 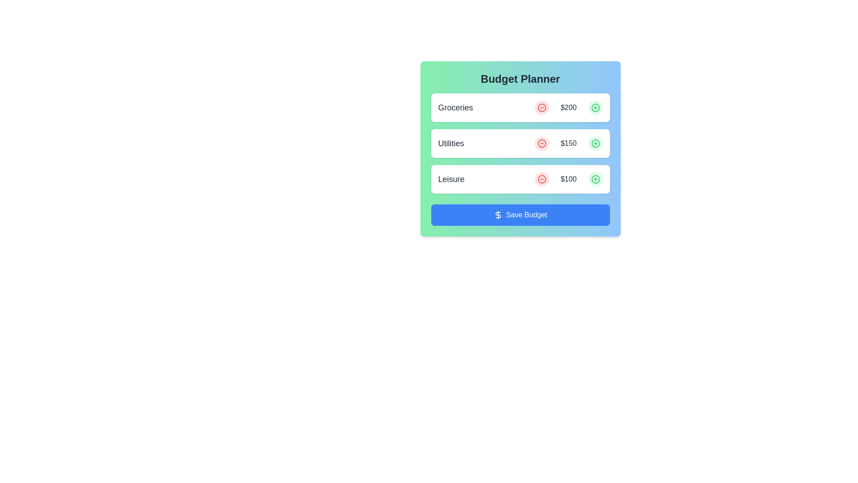 What do you see at coordinates (520, 107) in the screenshot?
I see `the first List item in the 'Budget Planner' interface that contains the text 'Groceries', a red button with a minus icon, the monetary value '$200', and a green button with a plus icon` at bounding box center [520, 107].